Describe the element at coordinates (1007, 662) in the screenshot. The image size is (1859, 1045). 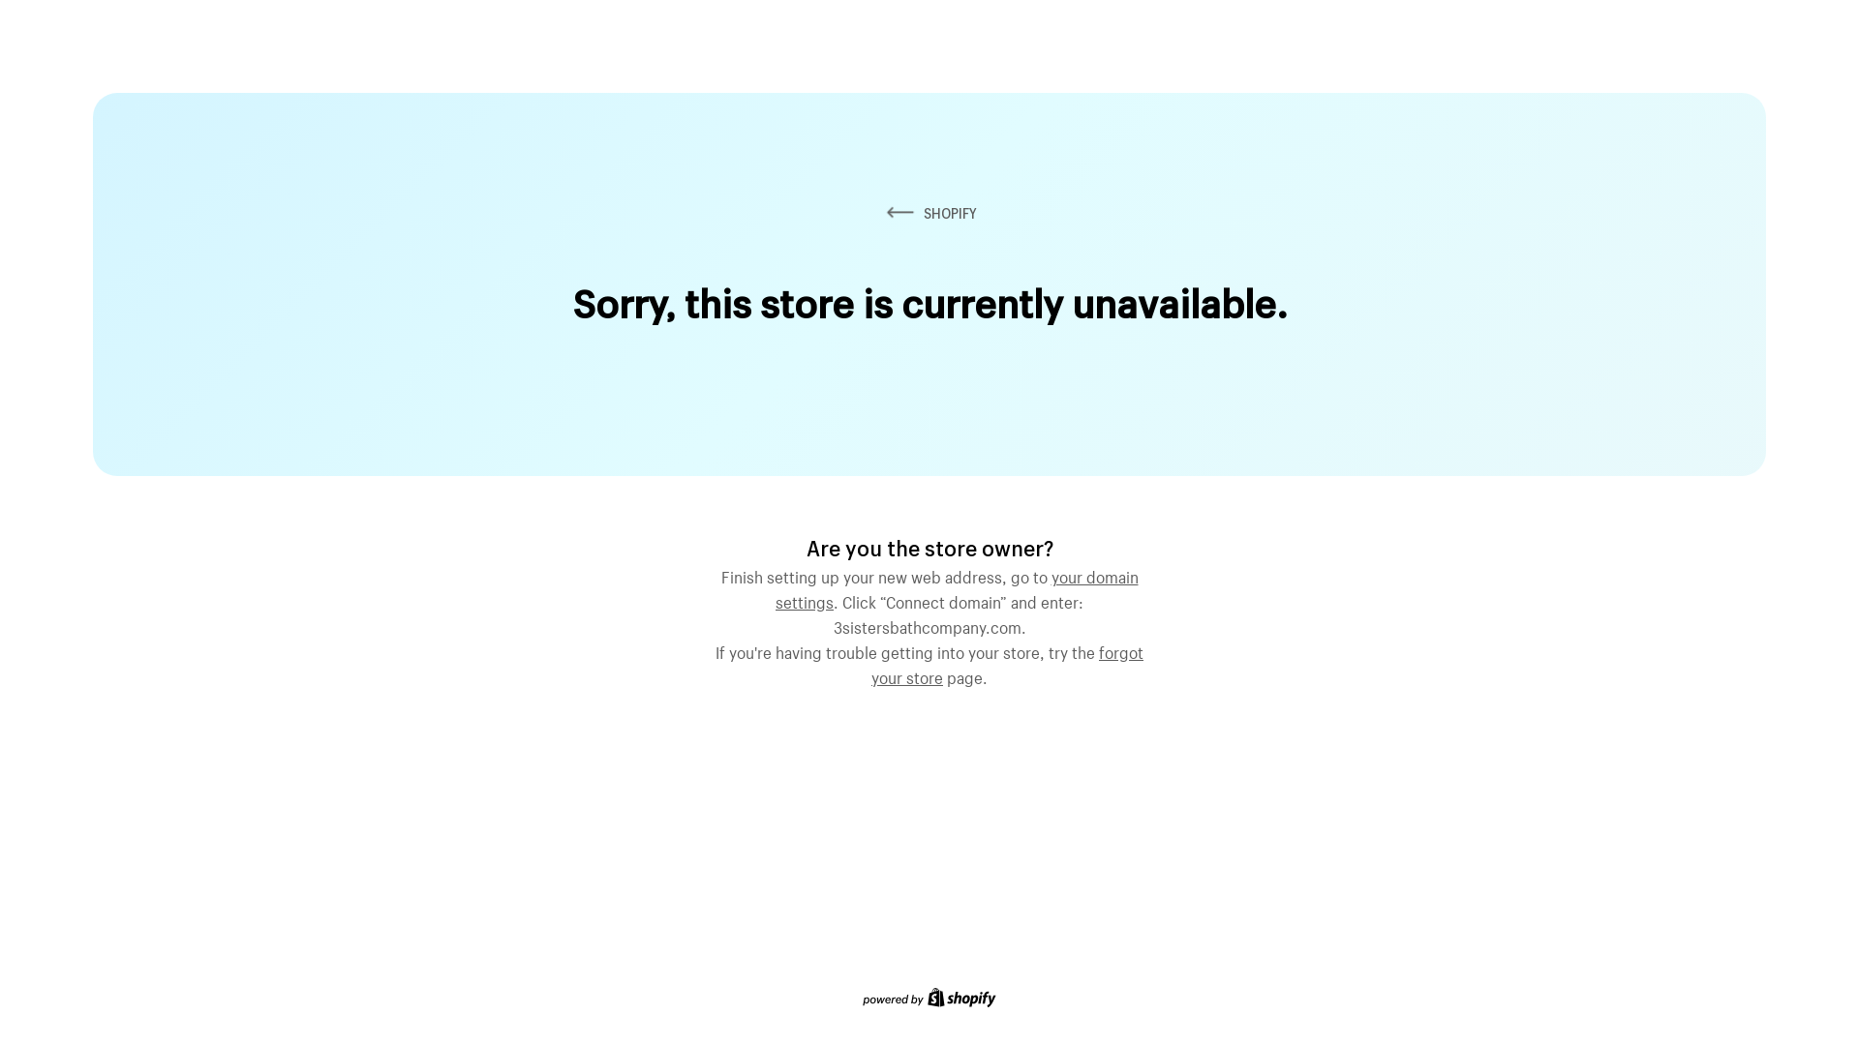
I see `'forgot your store'` at that location.